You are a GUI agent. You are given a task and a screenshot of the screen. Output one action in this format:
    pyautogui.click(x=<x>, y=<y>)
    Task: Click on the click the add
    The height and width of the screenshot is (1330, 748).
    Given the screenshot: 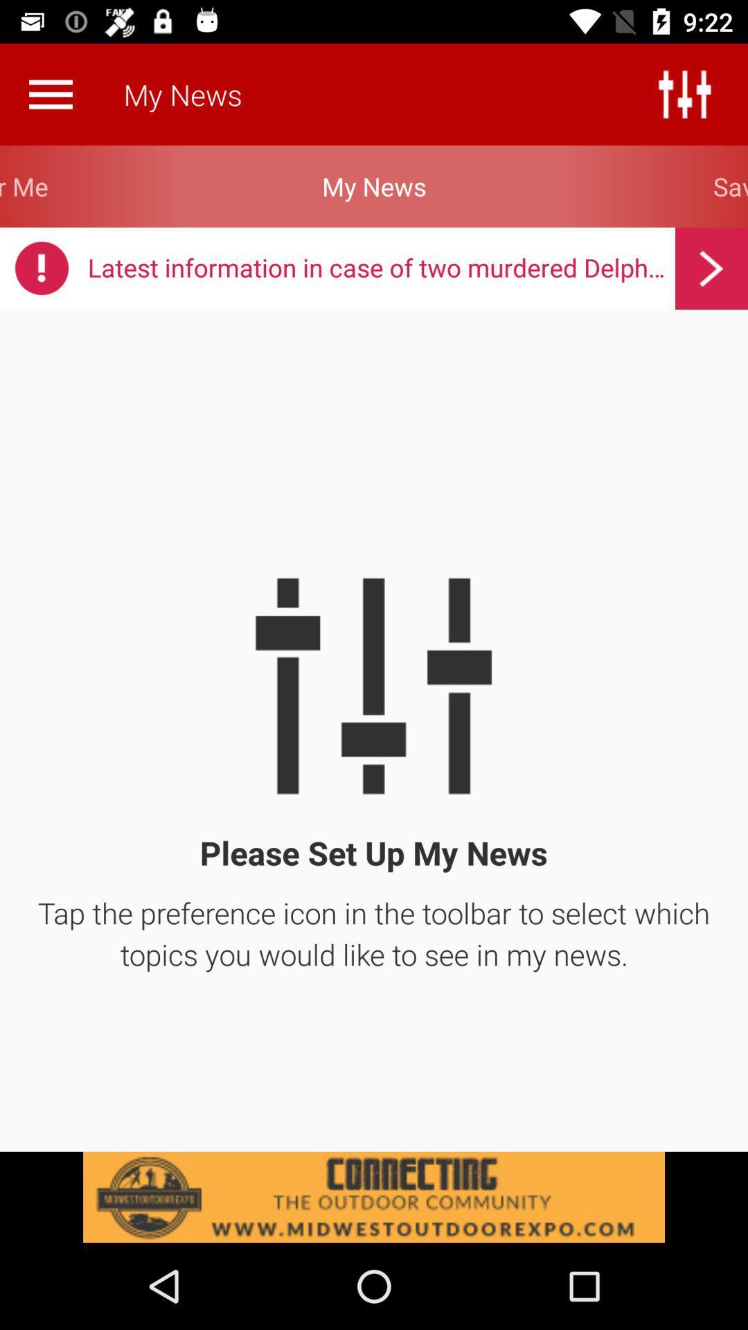 What is the action you would take?
    pyautogui.click(x=374, y=1196)
    